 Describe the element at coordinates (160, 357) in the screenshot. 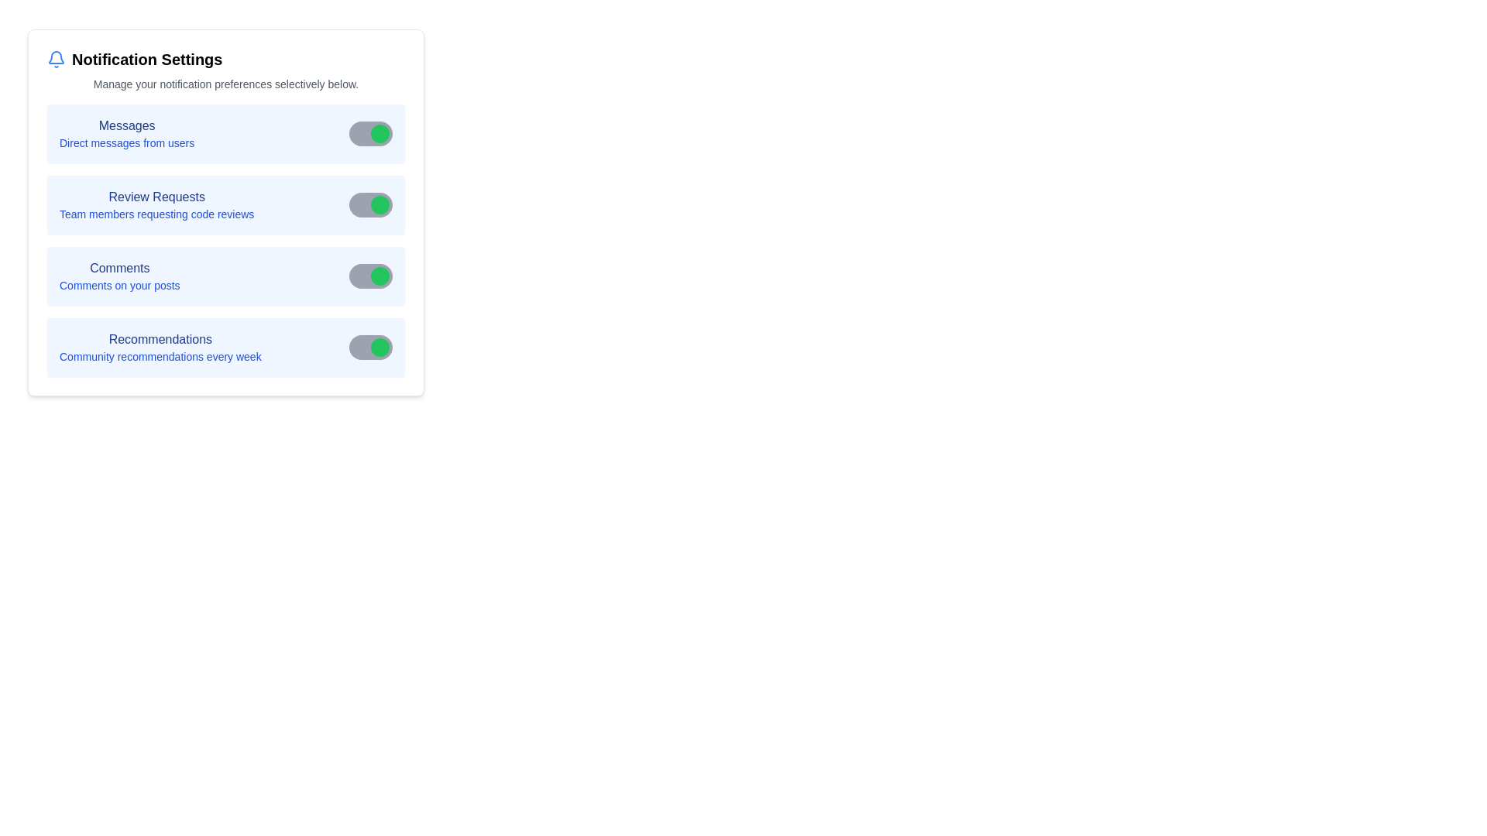

I see `the text label that displays 'Community recommendations every week', located under the heading 'Recommendations'` at that location.